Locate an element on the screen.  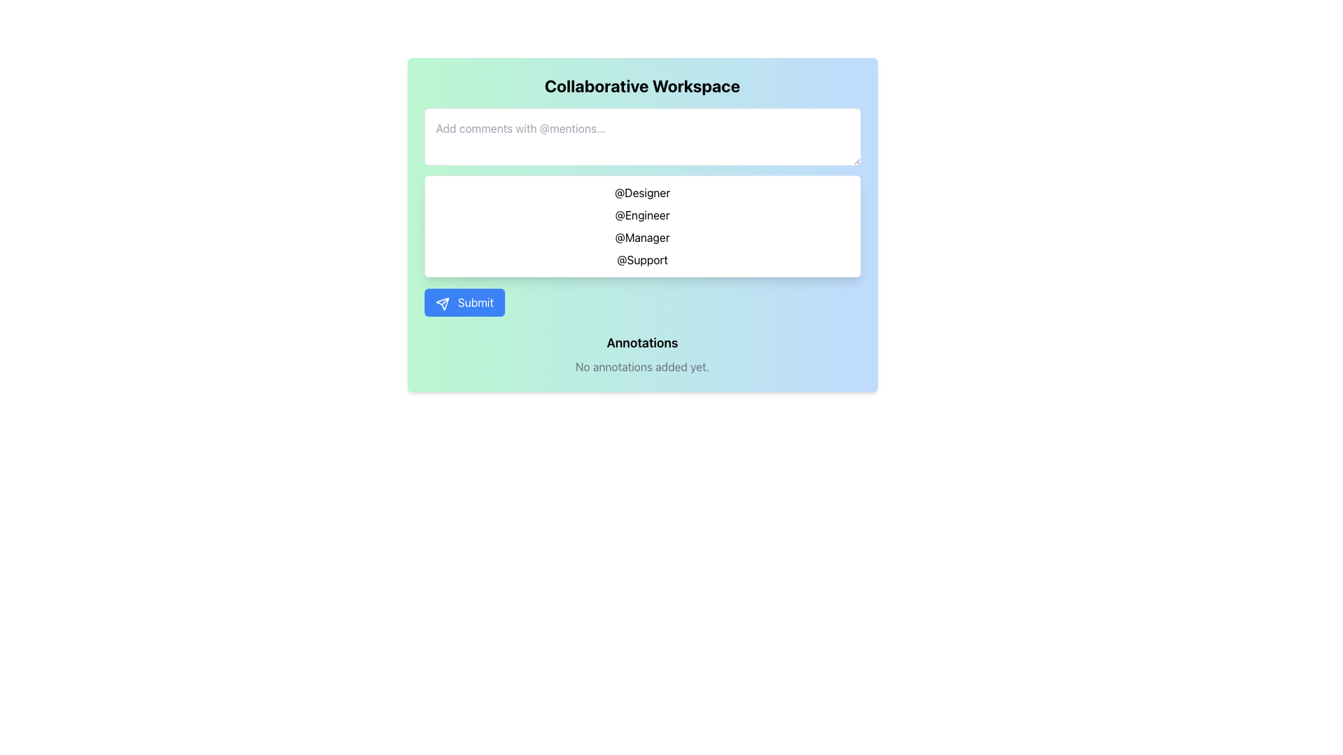
the selectable list item labeled 'Support', which is the fourth item in the dropdown list is located at coordinates (641, 259).